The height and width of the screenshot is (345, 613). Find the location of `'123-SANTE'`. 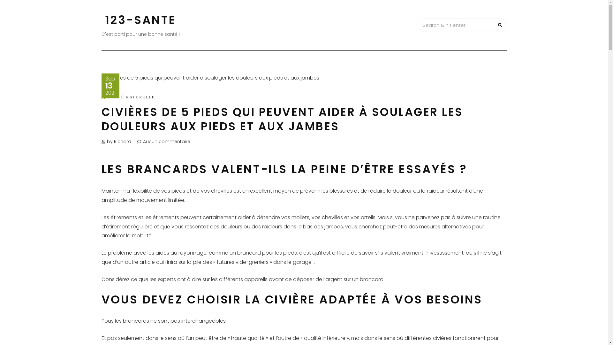

'123-SANTE' is located at coordinates (105, 19).